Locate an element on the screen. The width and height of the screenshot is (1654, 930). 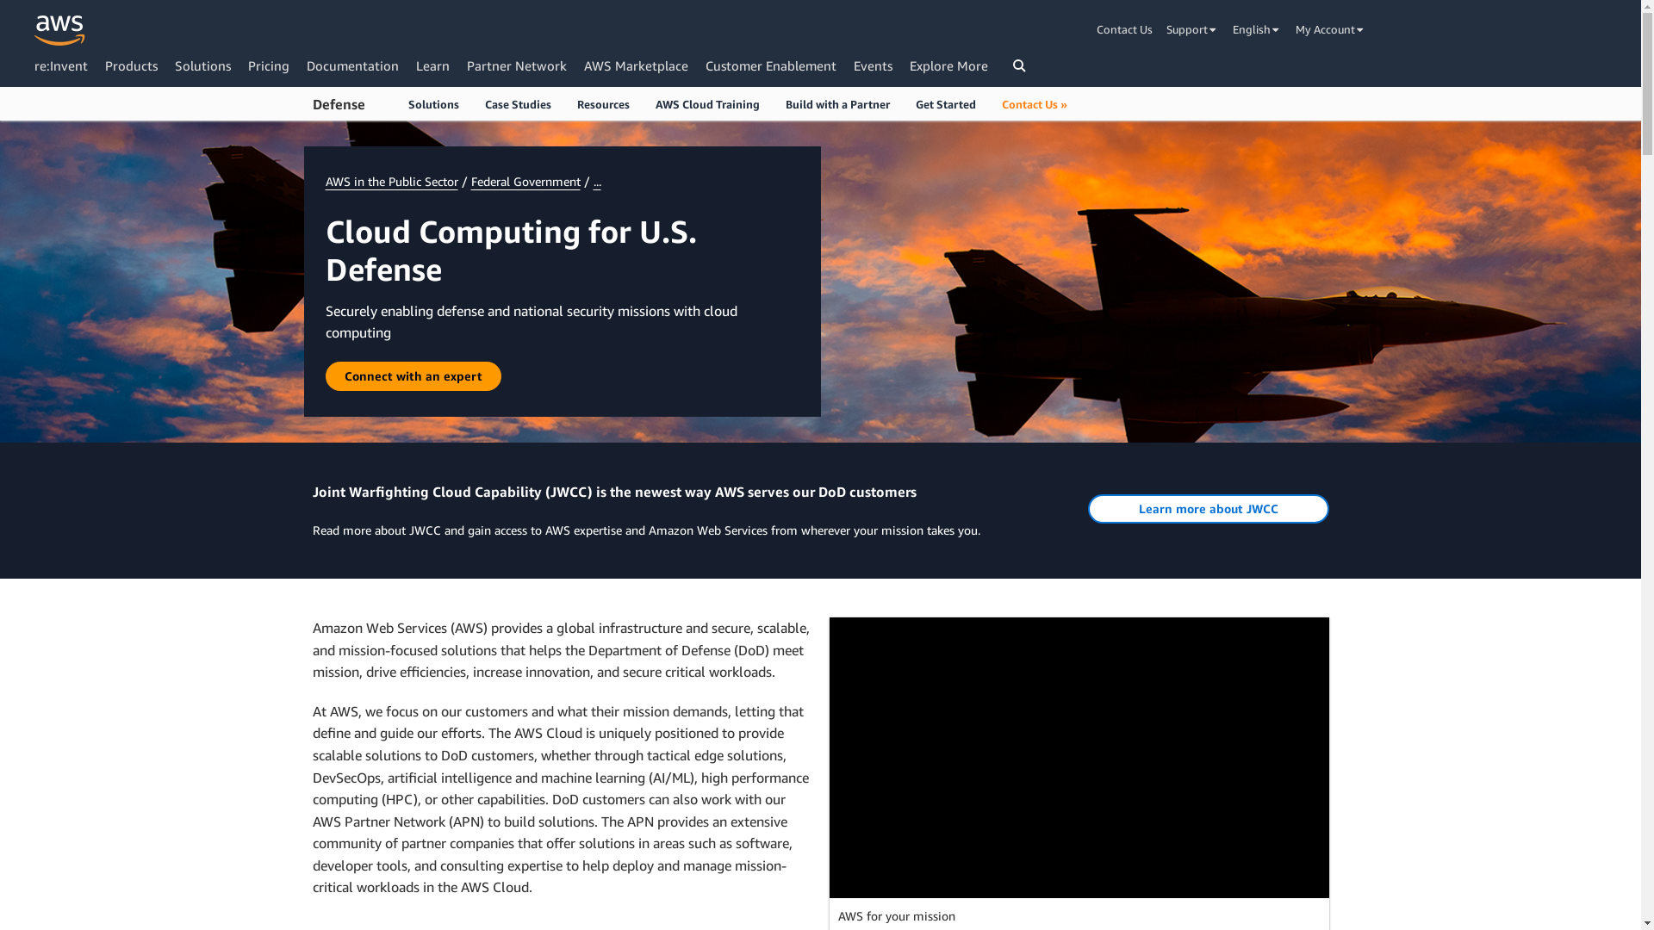
'Solutions' is located at coordinates (432, 103).